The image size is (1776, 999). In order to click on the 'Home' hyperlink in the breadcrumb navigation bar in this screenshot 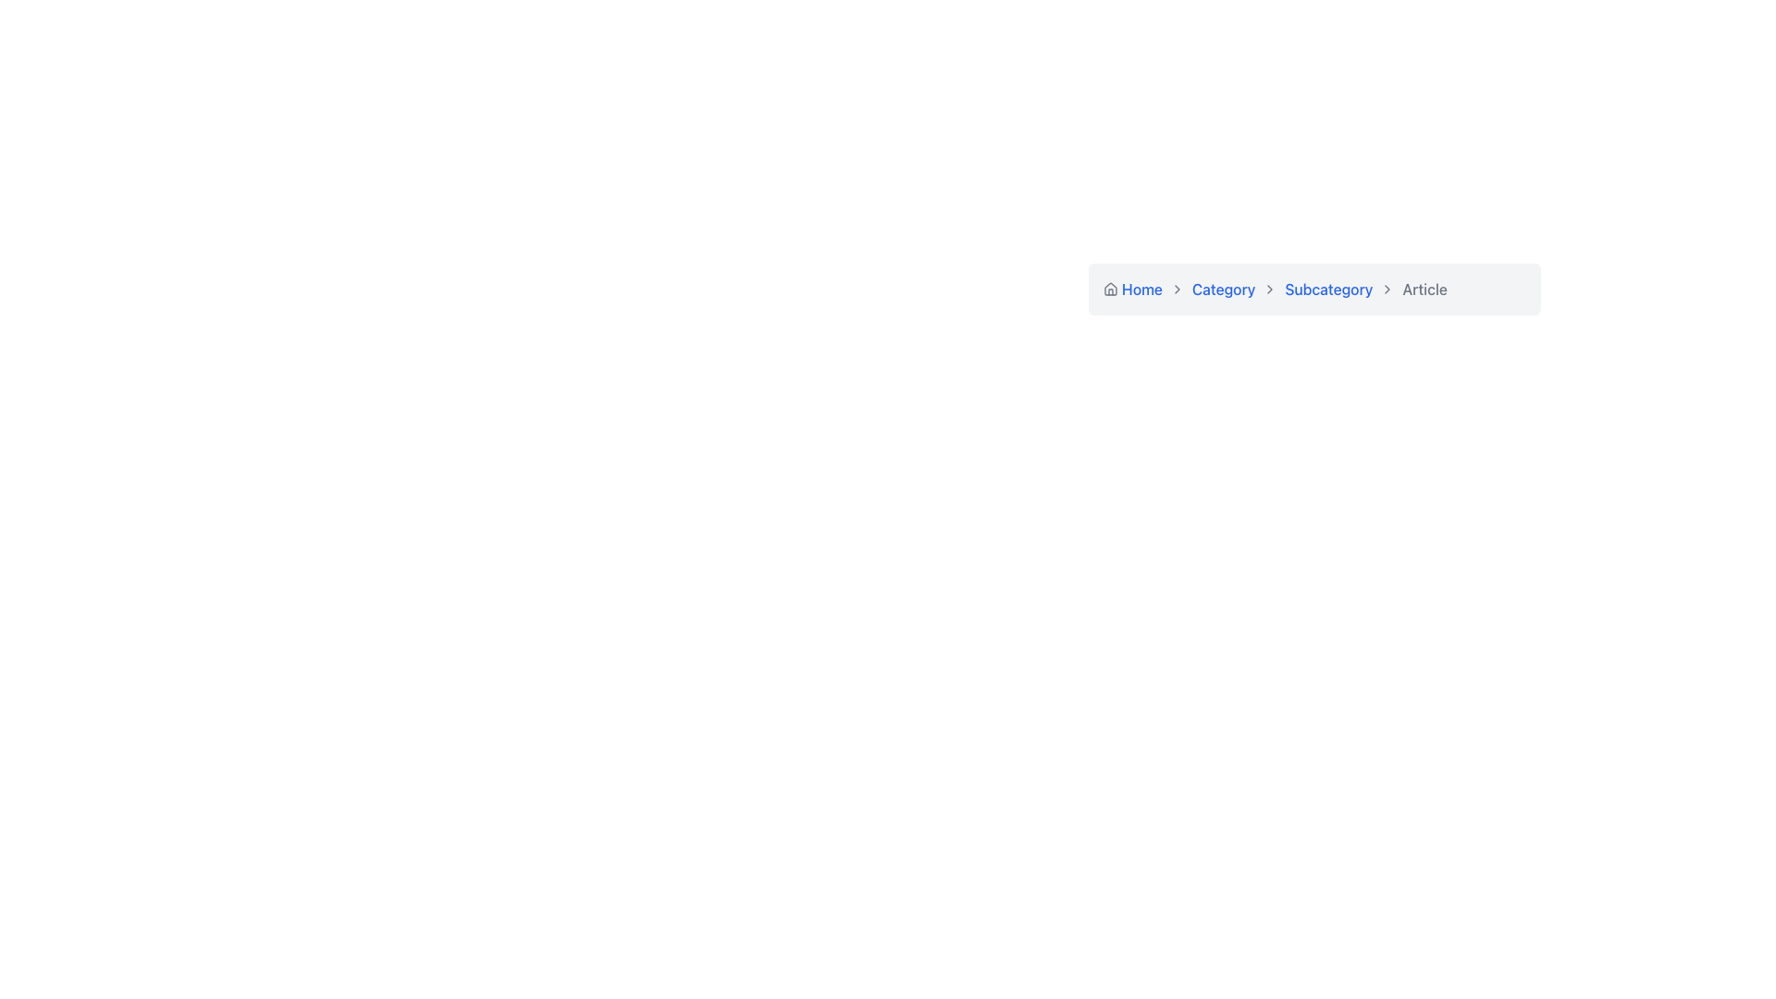, I will do `click(1131, 289)`.